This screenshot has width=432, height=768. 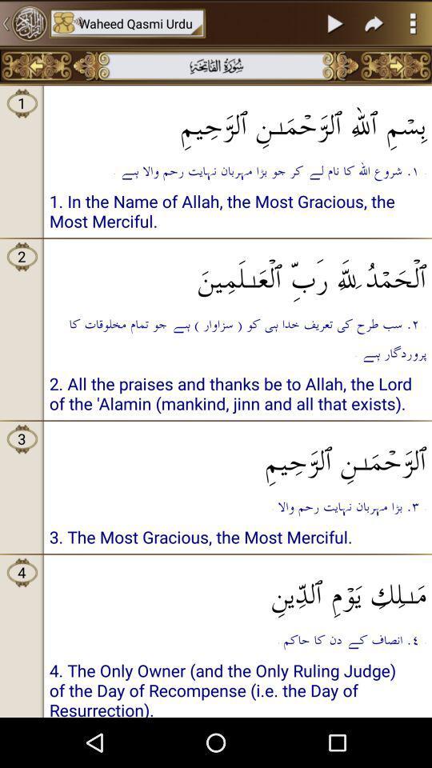 I want to click on the redo icon, so click(x=374, y=24).